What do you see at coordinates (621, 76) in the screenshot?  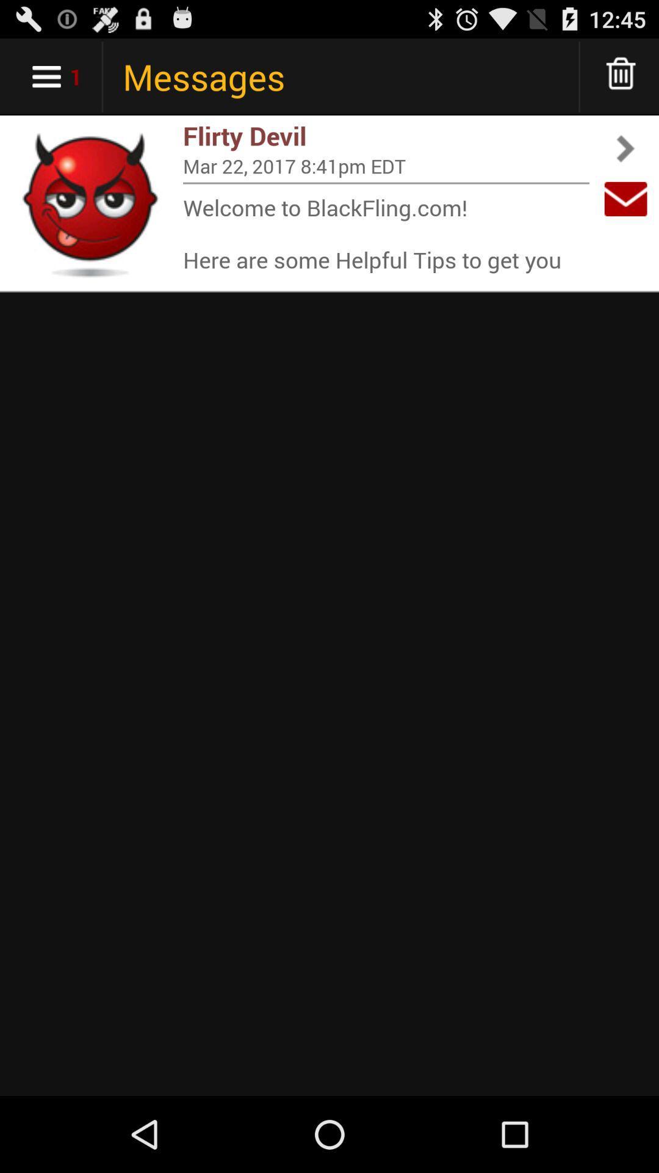 I see `app above flirty devil` at bounding box center [621, 76].